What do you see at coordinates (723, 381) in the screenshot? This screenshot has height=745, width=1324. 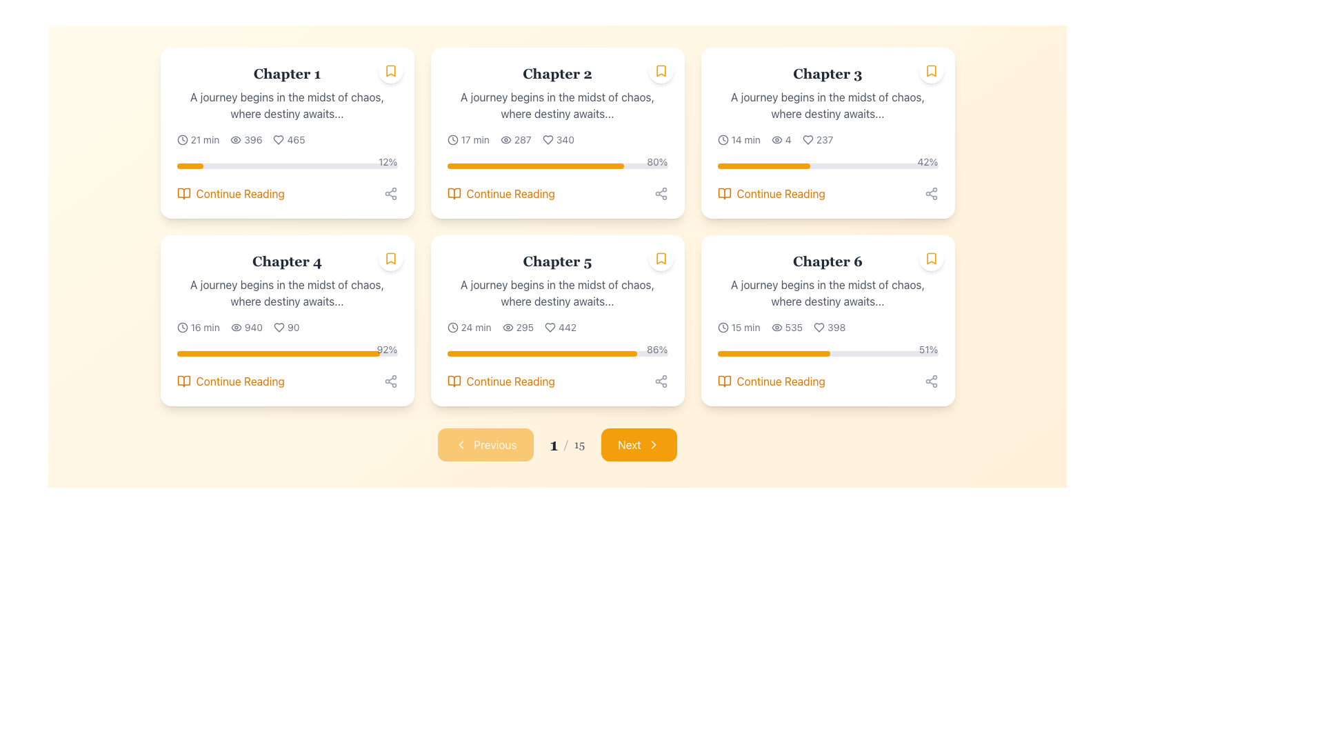 I see `the small orange book icon located to the left of the 'Continue Reading' text in the sixth chapter card of the grid layout` at bounding box center [723, 381].